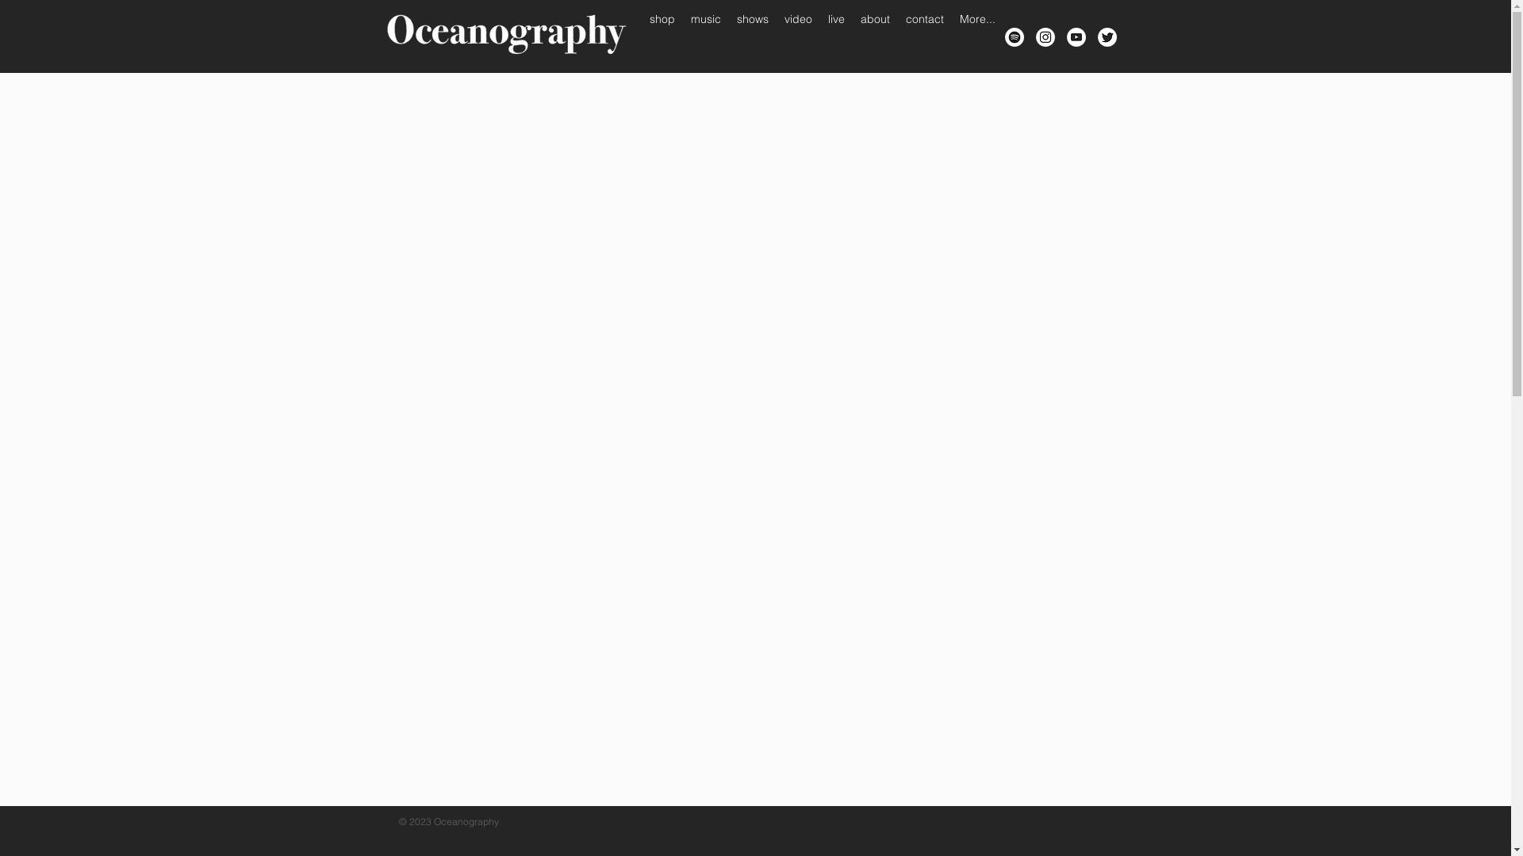 Image resolution: width=1523 pixels, height=856 pixels. I want to click on 'live', so click(819, 36).